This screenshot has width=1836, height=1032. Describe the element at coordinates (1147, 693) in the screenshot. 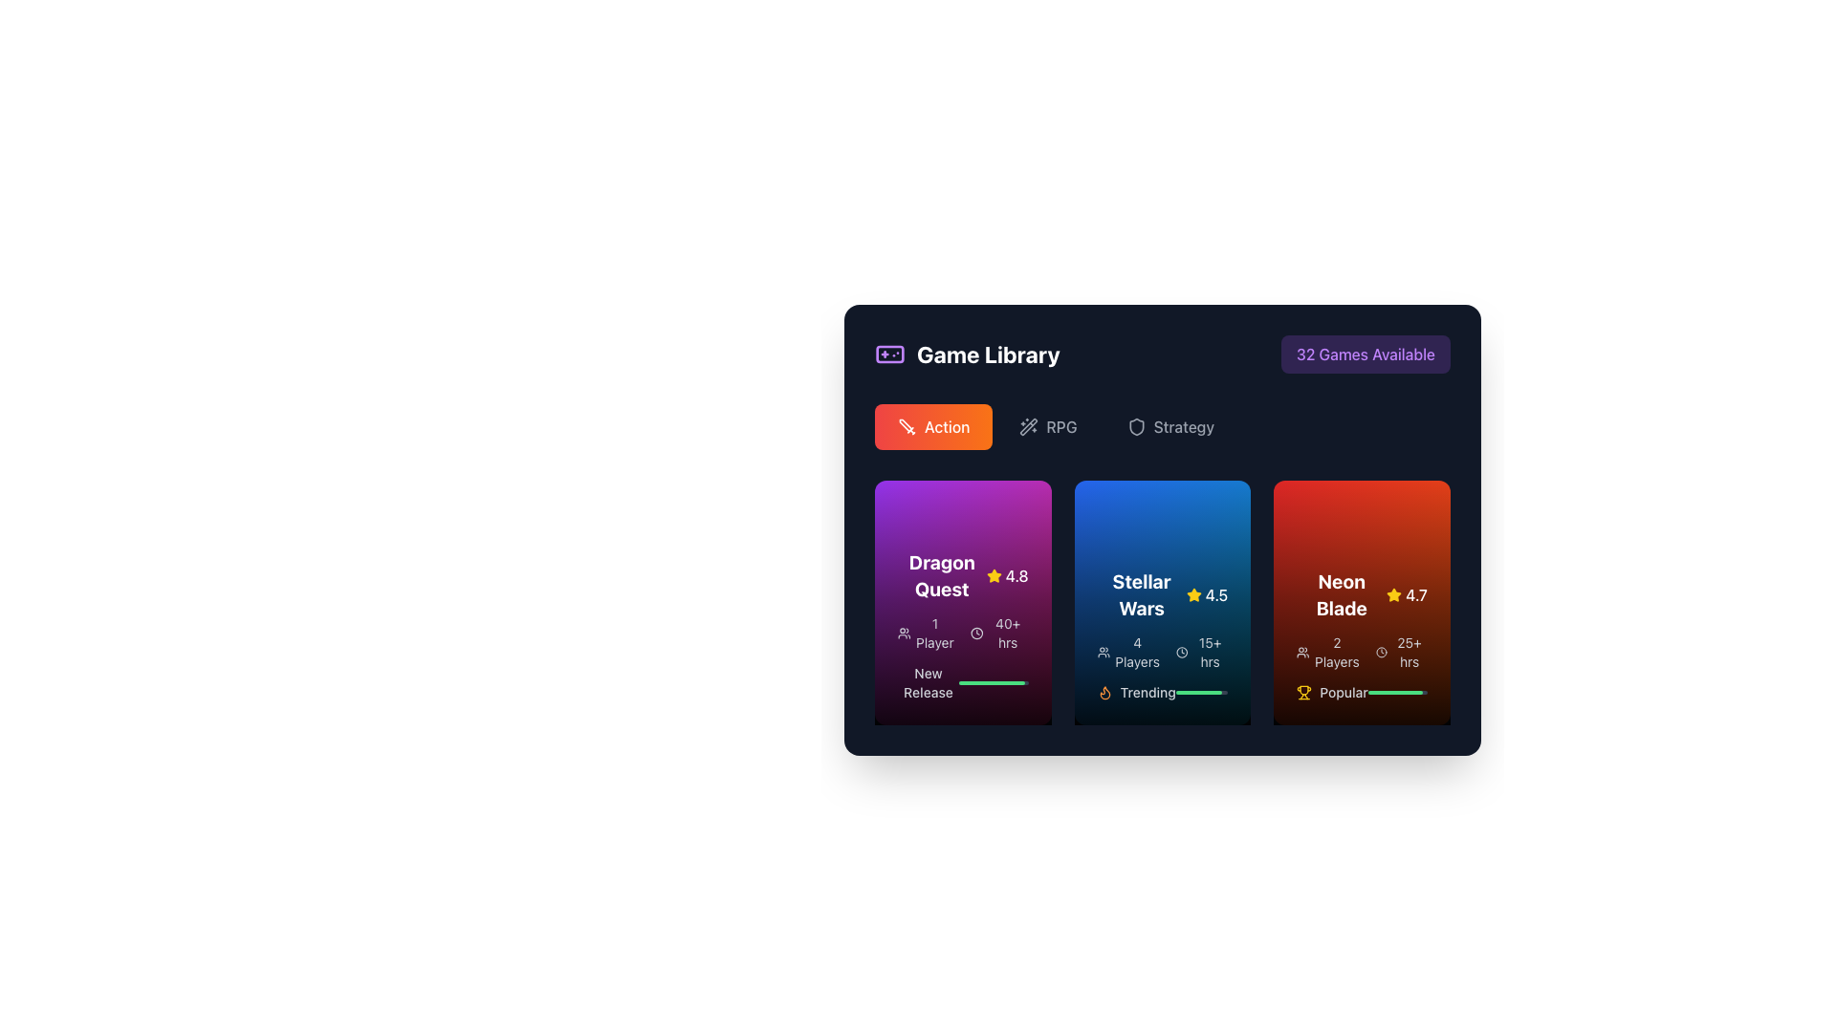

I see `the 'Trending' text label within the 'Stellar Wars' game card, located near the left margin and to the right of a flame icon` at that location.